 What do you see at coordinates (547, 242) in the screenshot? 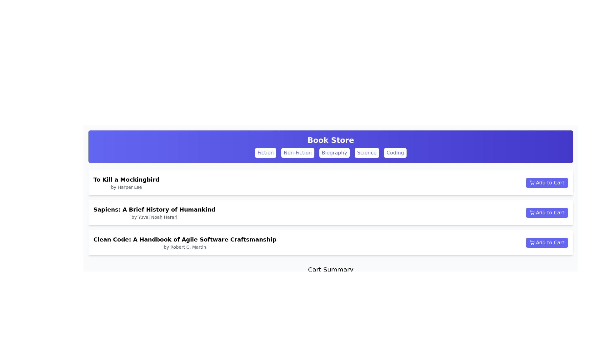
I see `the 'Add to Cart' button for the book 'Clean Code: A Handbook of Agile Software Craftsmanship'` at bounding box center [547, 242].